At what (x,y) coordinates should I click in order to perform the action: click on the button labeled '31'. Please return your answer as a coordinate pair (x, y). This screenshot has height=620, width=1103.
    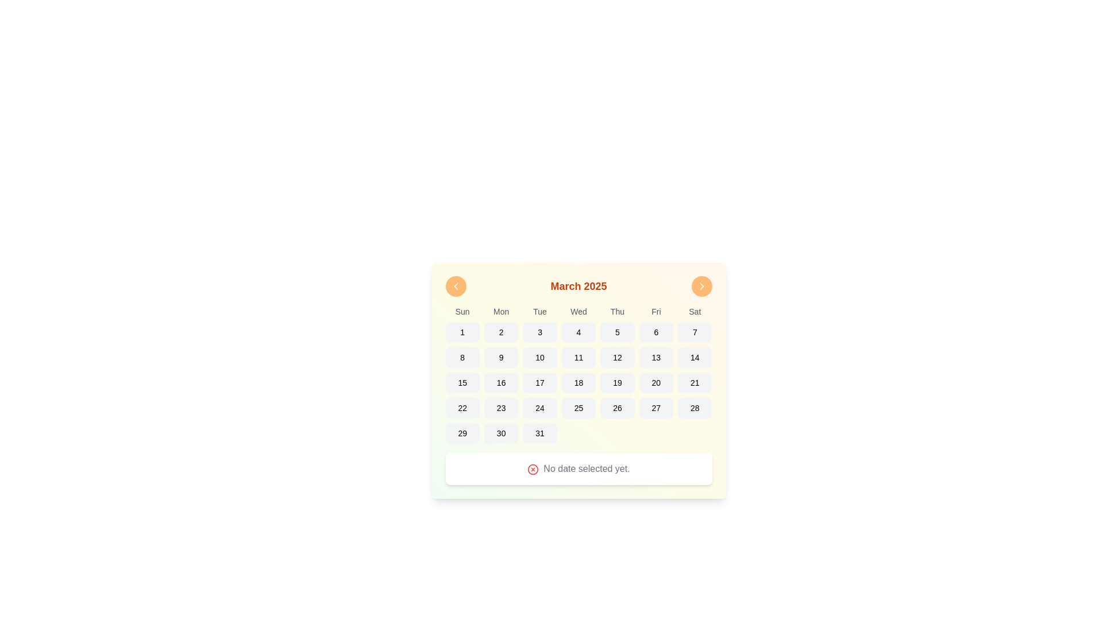
    Looking at the image, I should click on (539, 433).